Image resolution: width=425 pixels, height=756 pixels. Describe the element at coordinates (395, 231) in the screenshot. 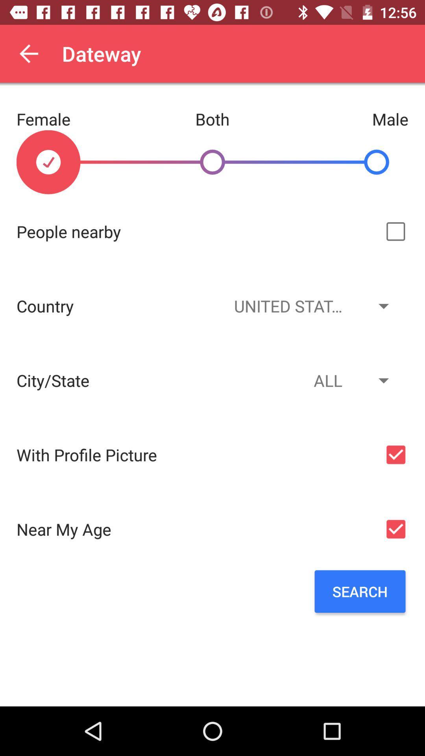

I see `people nearby check` at that location.